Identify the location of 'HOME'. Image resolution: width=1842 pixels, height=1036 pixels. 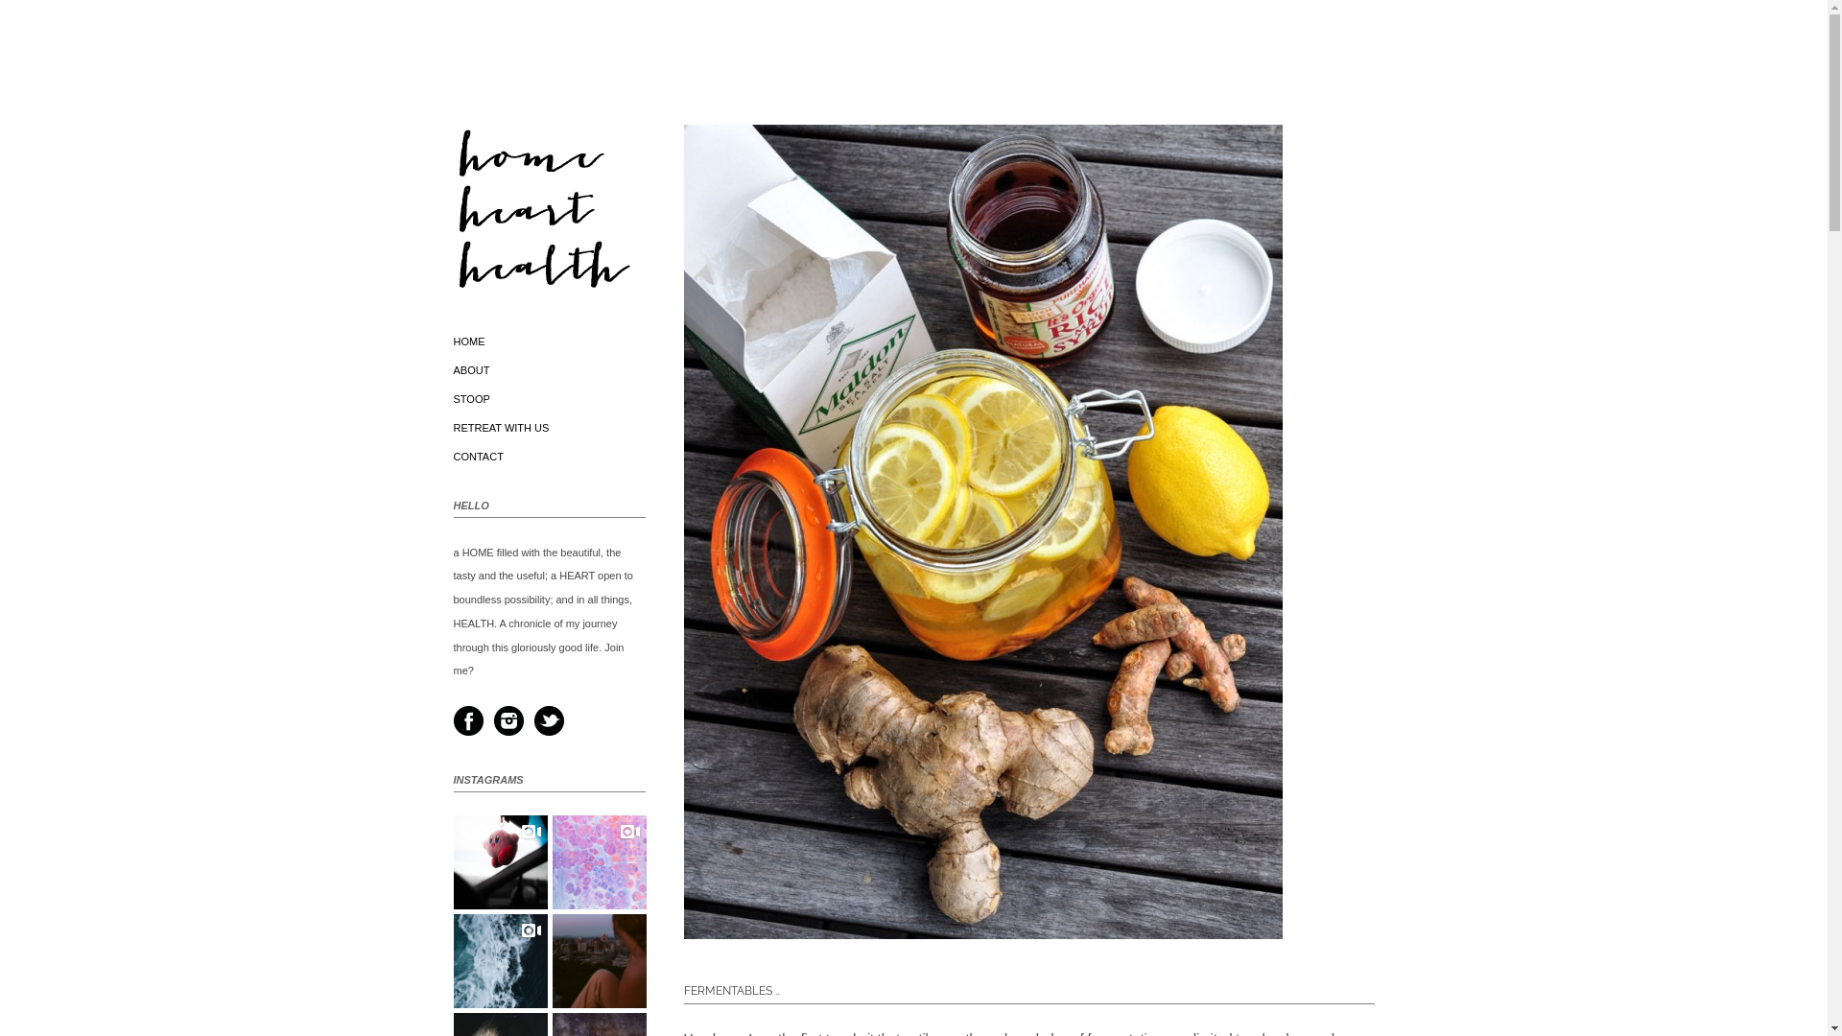
(468, 340).